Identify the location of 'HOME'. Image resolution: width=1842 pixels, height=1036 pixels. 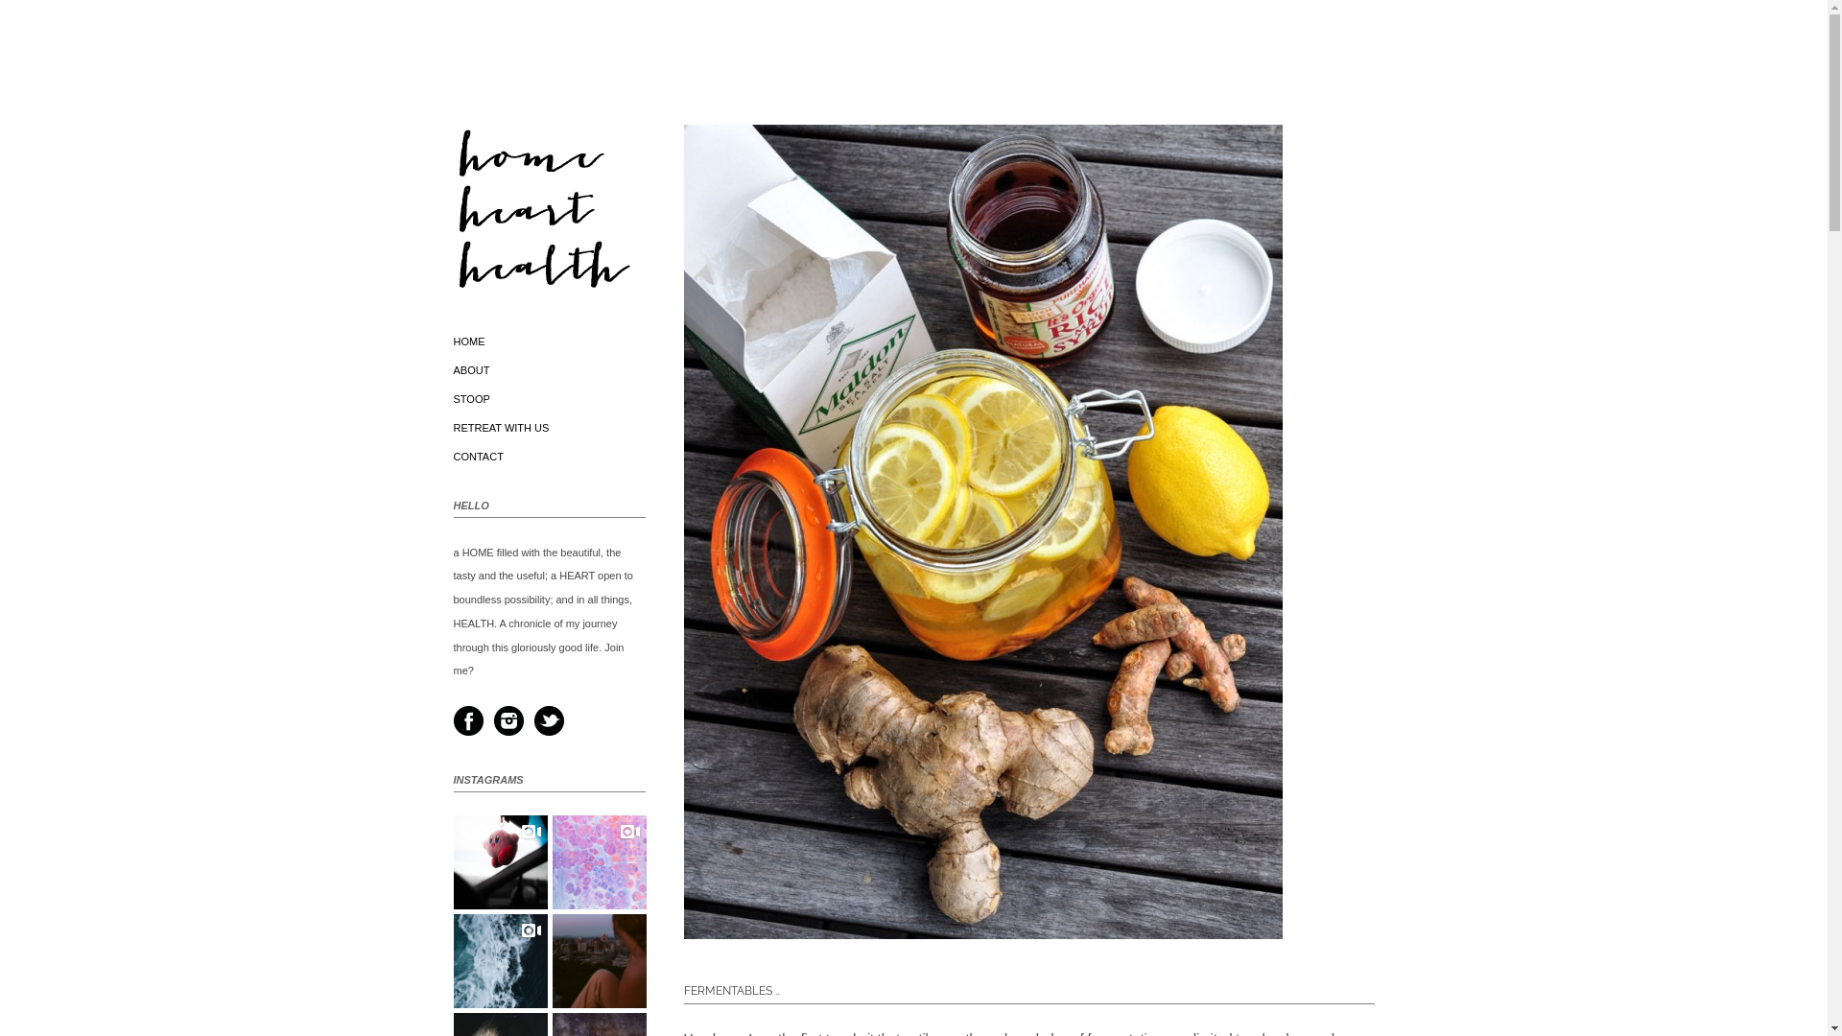
(468, 340).